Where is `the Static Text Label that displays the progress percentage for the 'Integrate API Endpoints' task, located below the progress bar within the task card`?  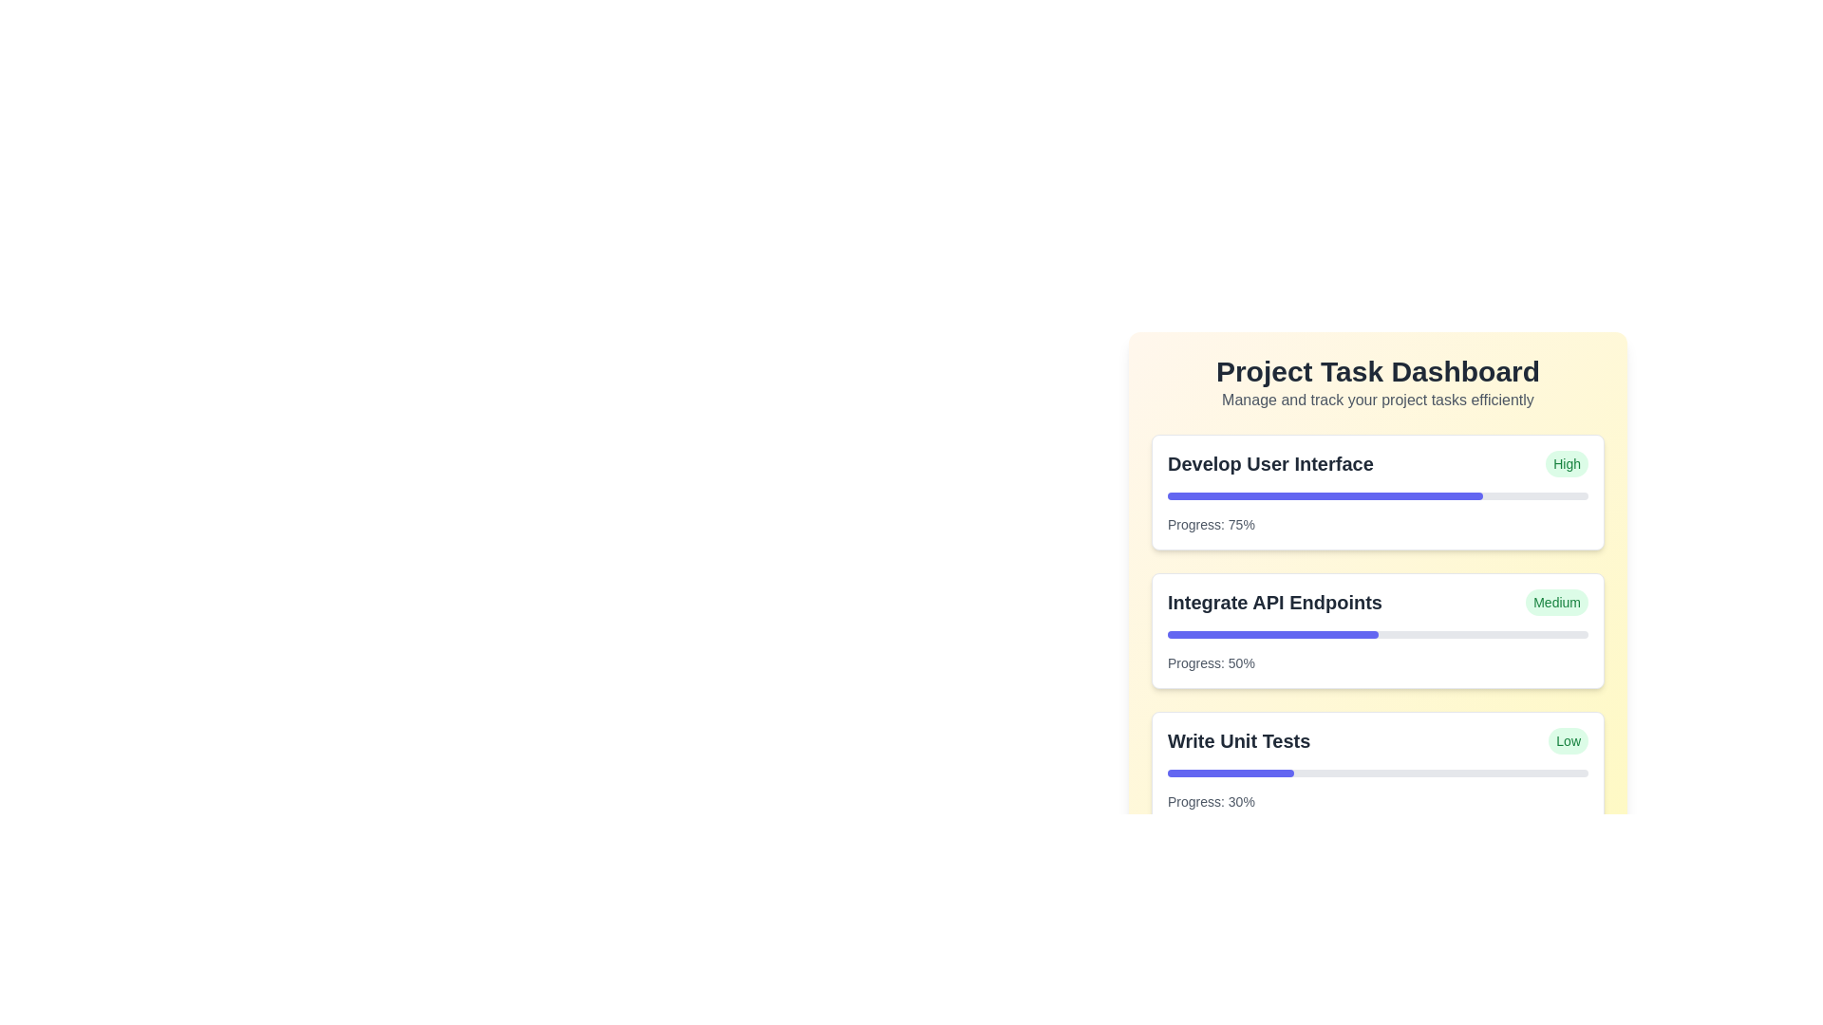 the Static Text Label that displays the progress percentage for the 'Integrate API Endpoints' task, located below the progress bar within the task card is located at coordinates (1210, 662).